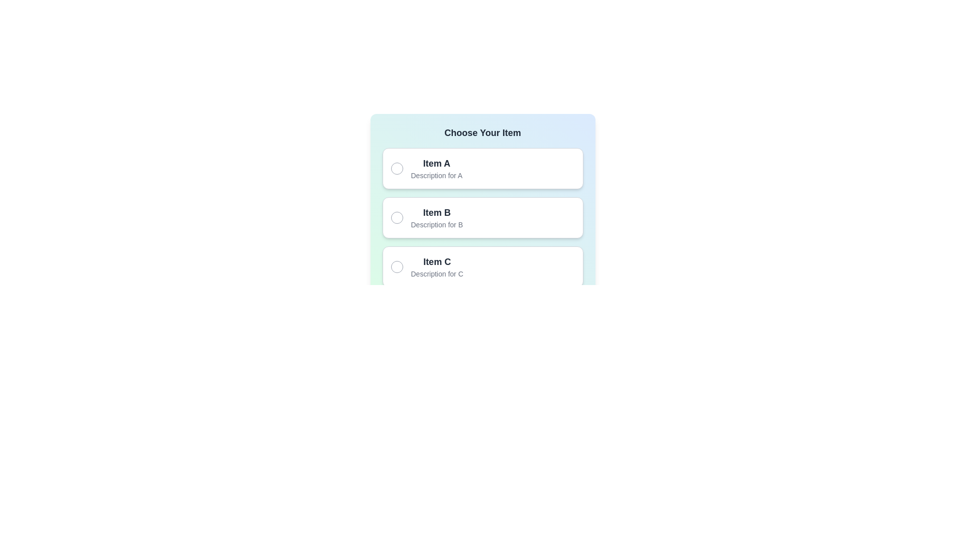 This screenshot has width=964, height=542. Describe the element at coordinates (437, 217) in the screenshot. I see `the text label displaying 'Item B' for accessibility` at that location.